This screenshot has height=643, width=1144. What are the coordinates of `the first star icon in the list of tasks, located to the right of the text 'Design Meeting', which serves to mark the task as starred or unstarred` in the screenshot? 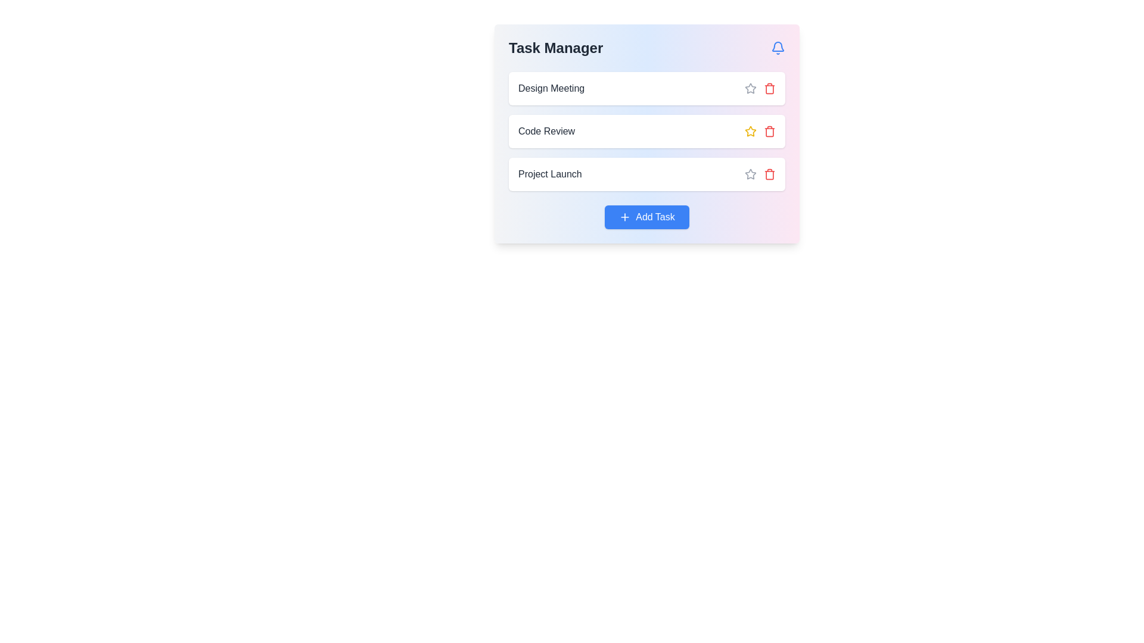 It's located at (750, 88).